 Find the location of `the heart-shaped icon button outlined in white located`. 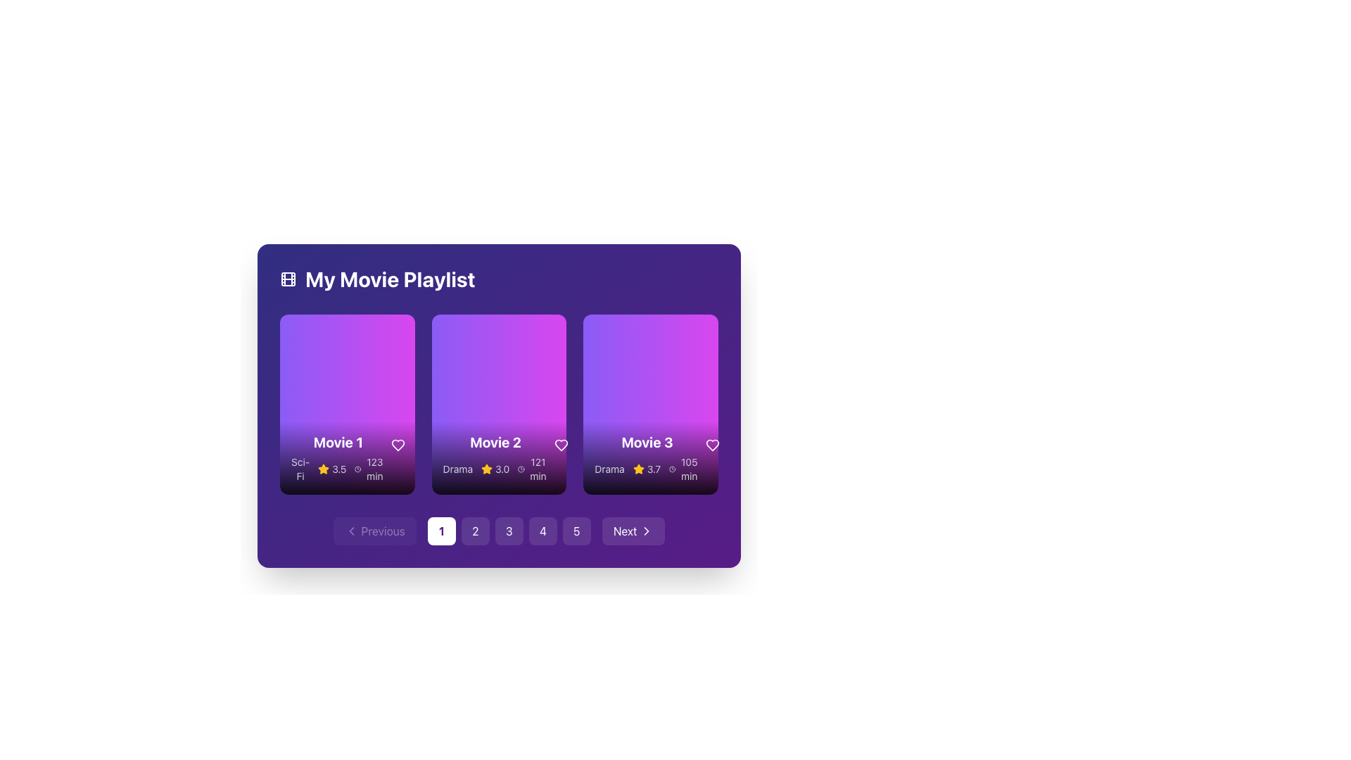

the heart-shaped icon button outlined in white located is located at coordinates (712, 445).